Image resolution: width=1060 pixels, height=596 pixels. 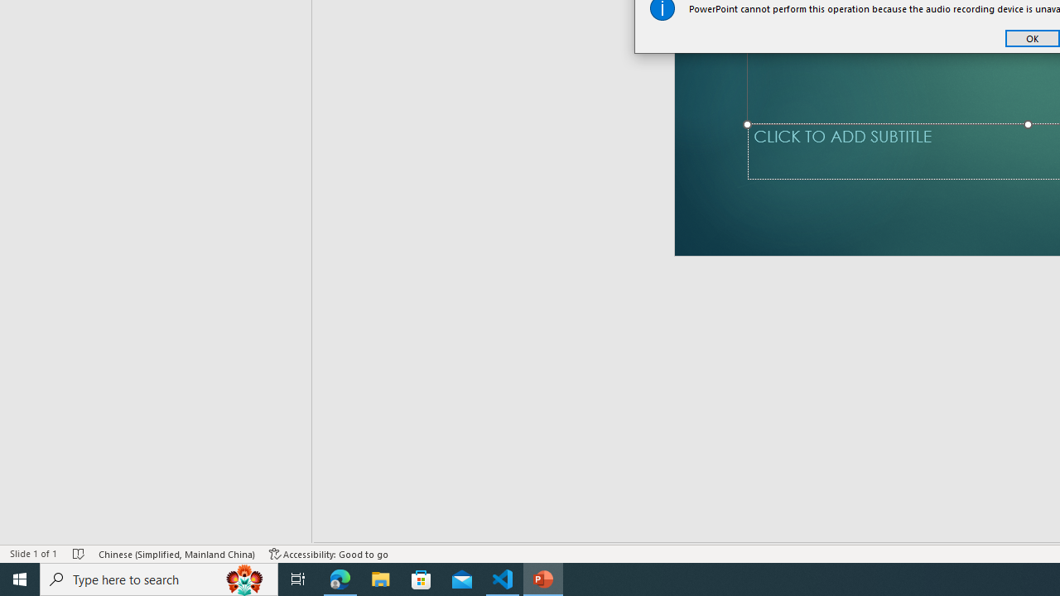 I want to click on 'Task View', so click(x=297, y=578).